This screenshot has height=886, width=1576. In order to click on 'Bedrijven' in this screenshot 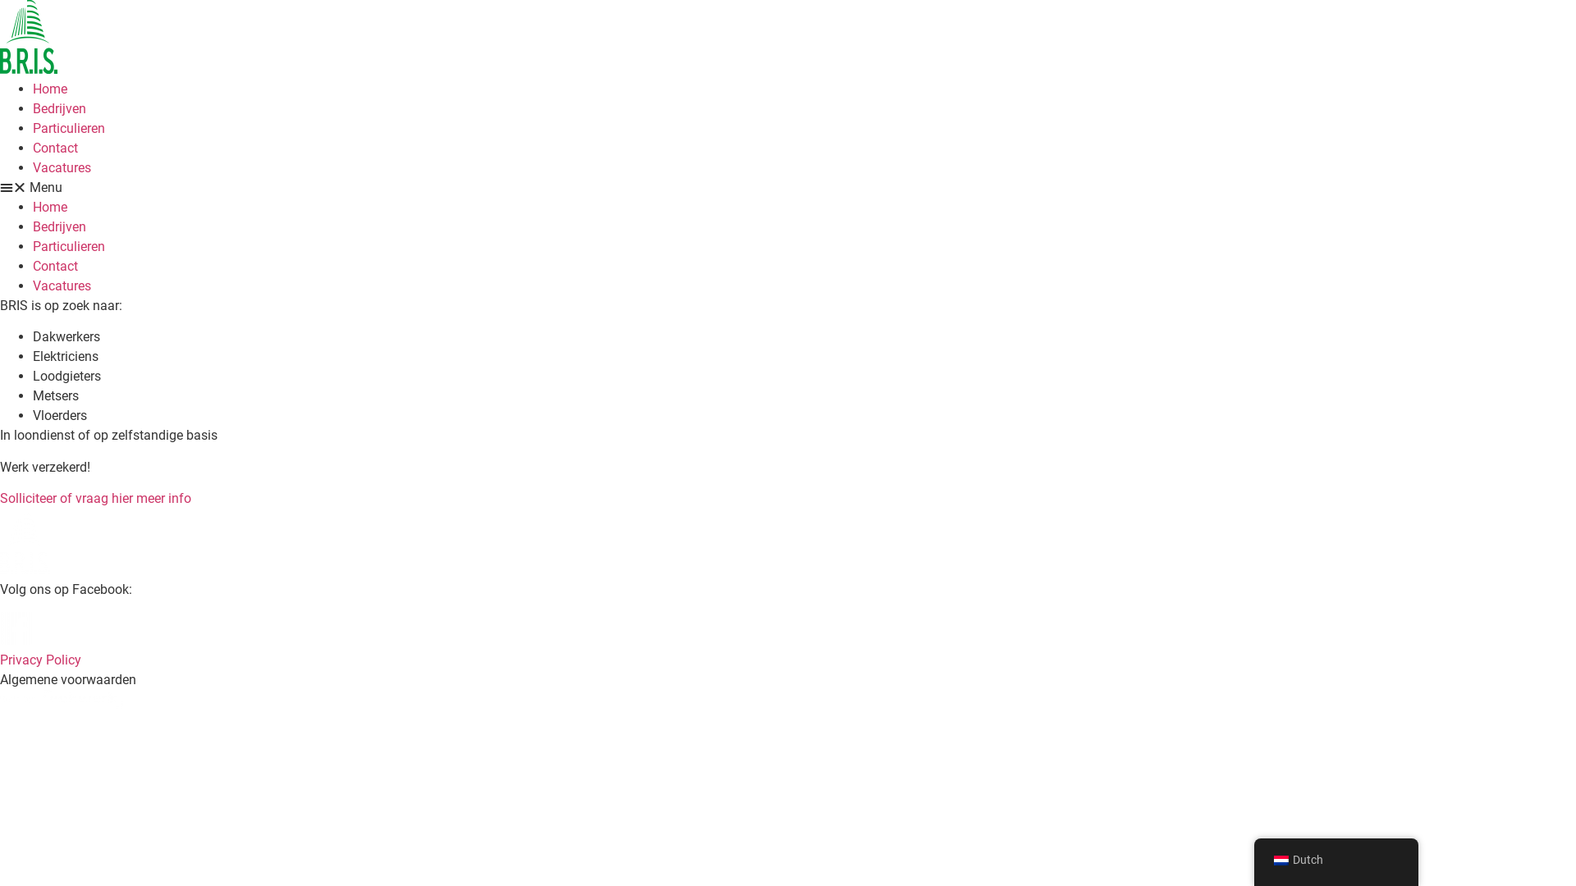, I will do `click(59, 226)`.